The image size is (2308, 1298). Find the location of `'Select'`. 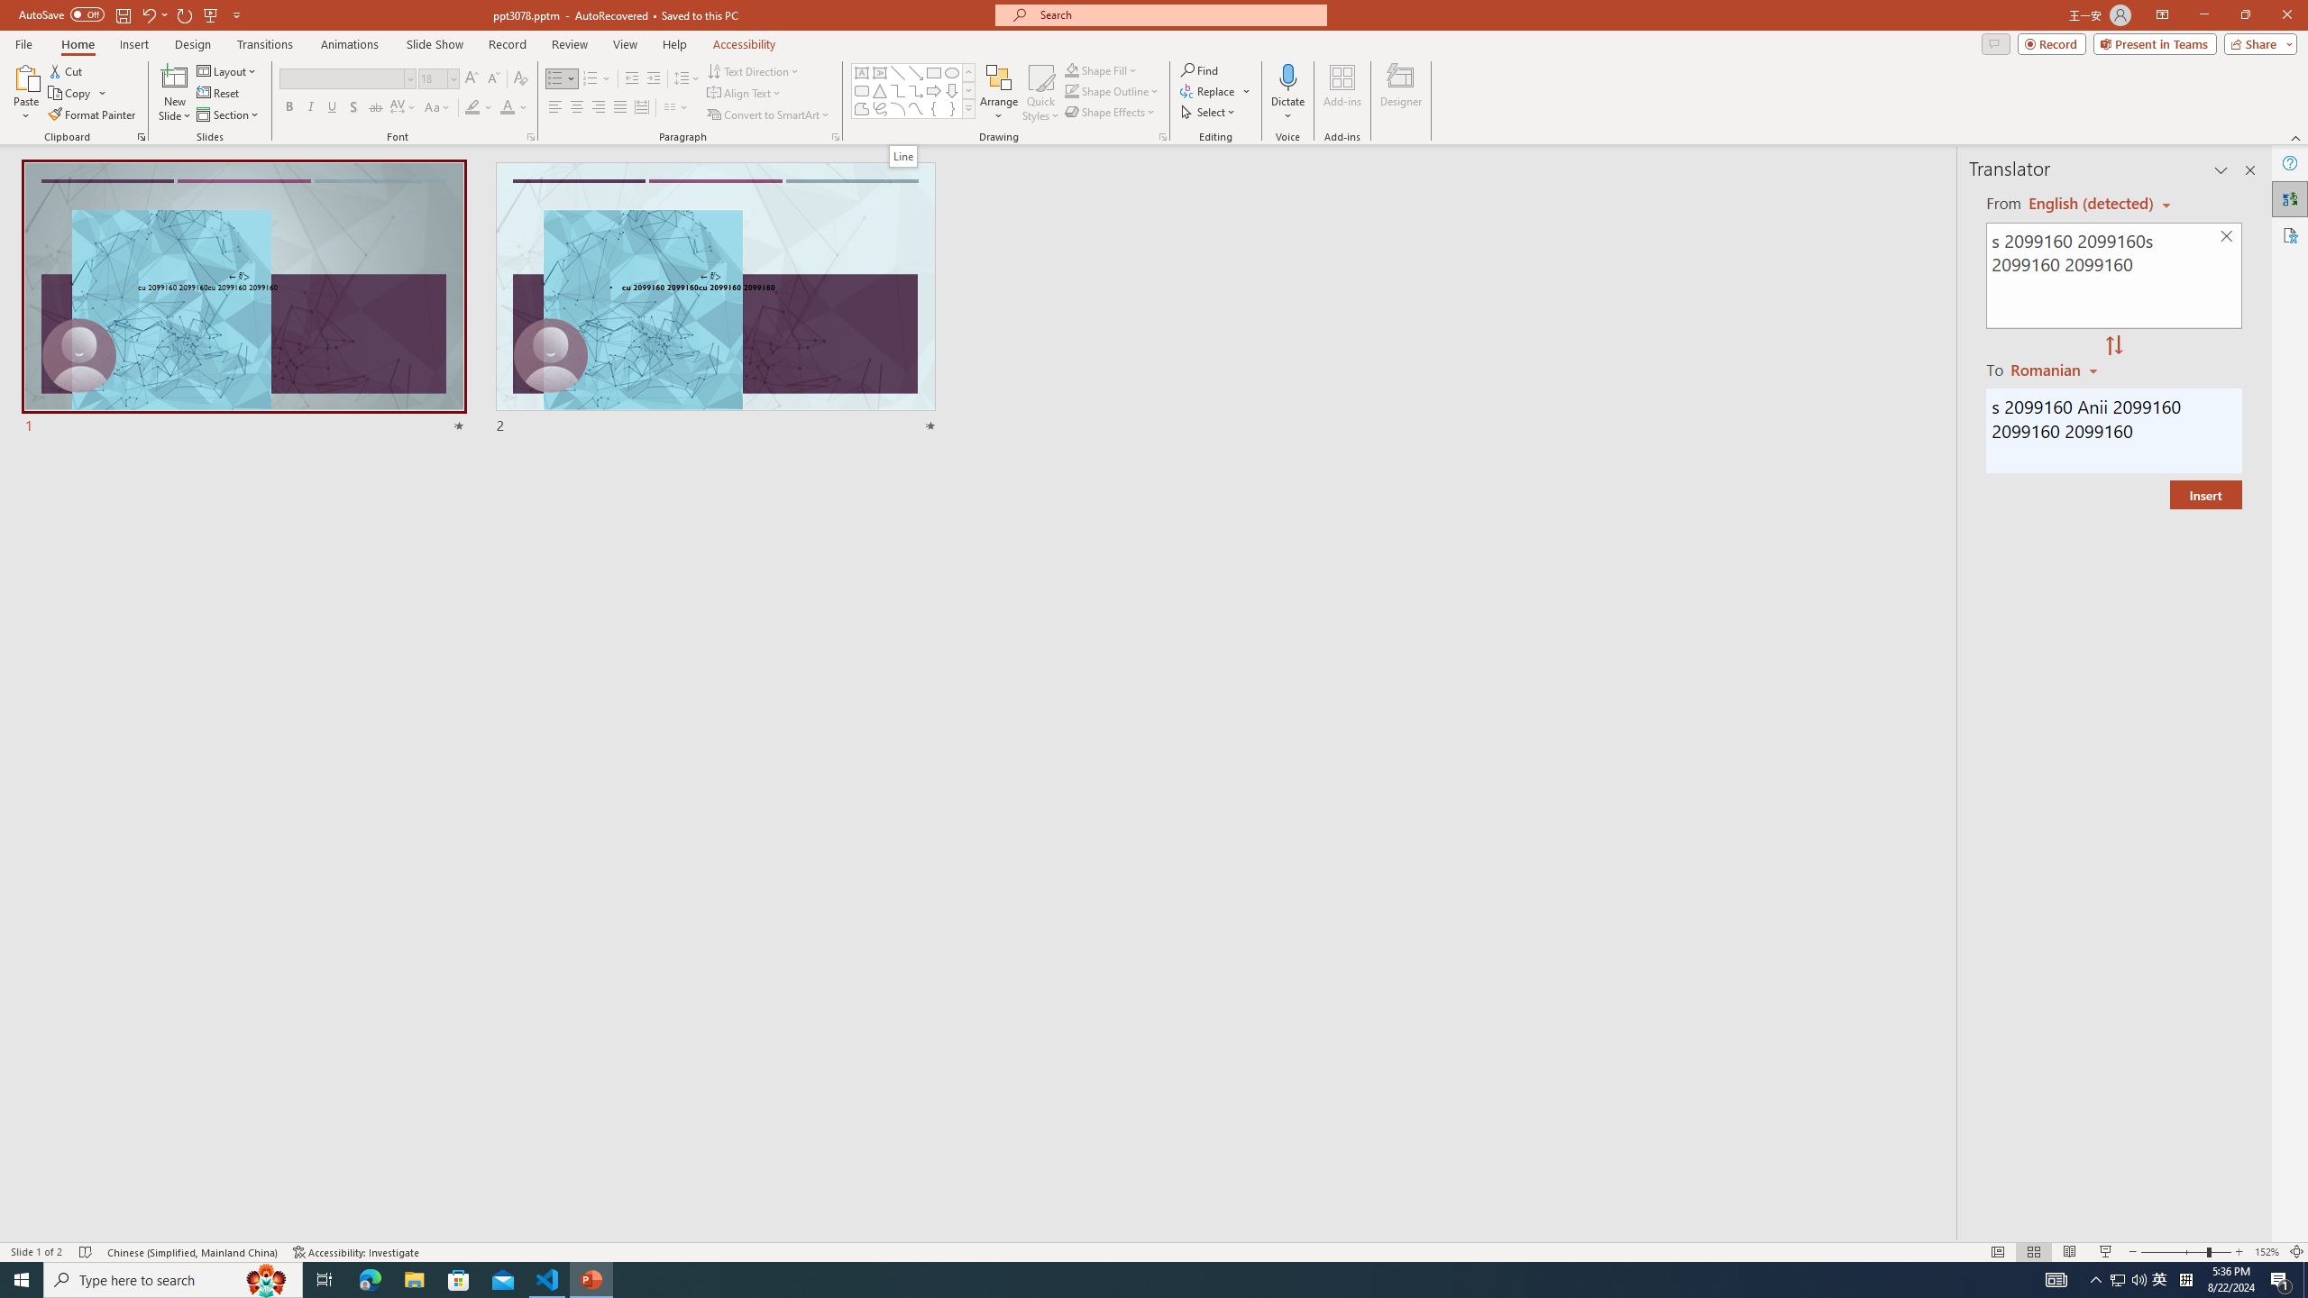

'Select' is located at coordinates (1209, 110).